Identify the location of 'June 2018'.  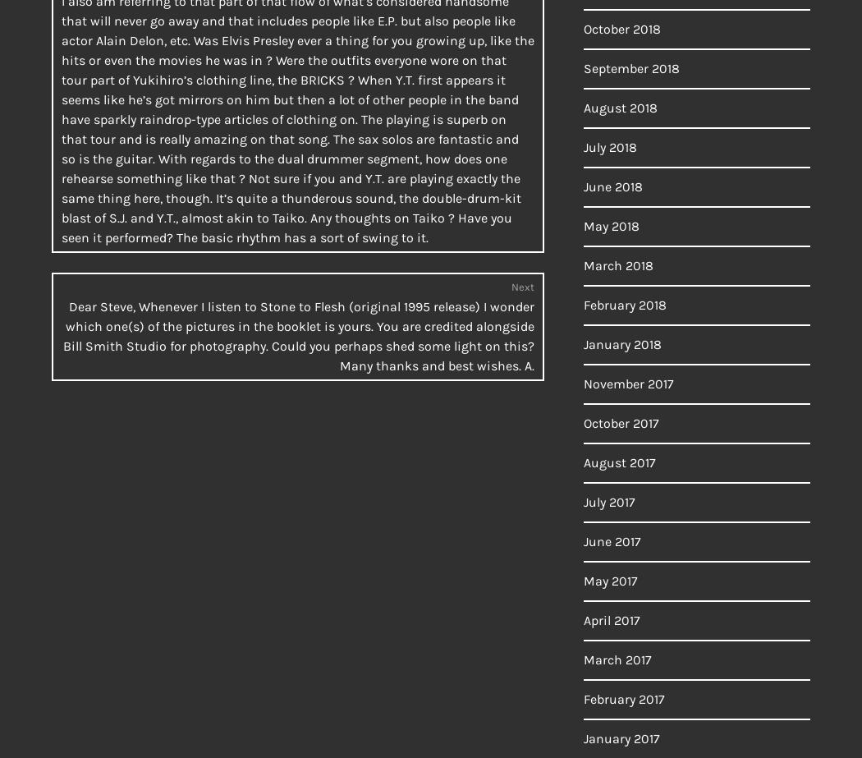
(612, 186).